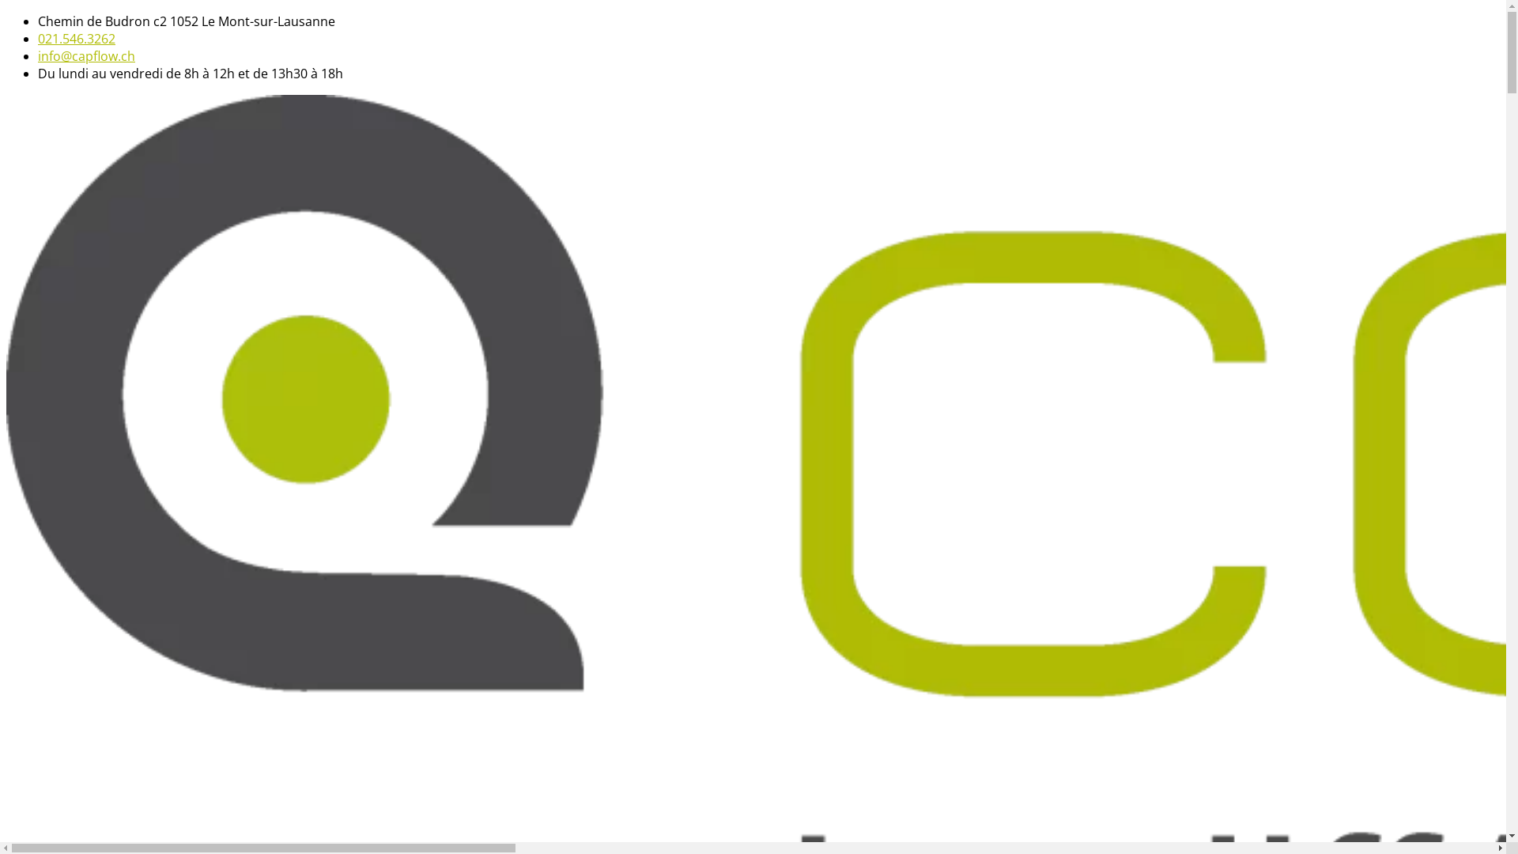  What do you see at coordinates (75, 38) in the screenshot?
I see `'021.546.3262'` at bounding box center [75, 38].